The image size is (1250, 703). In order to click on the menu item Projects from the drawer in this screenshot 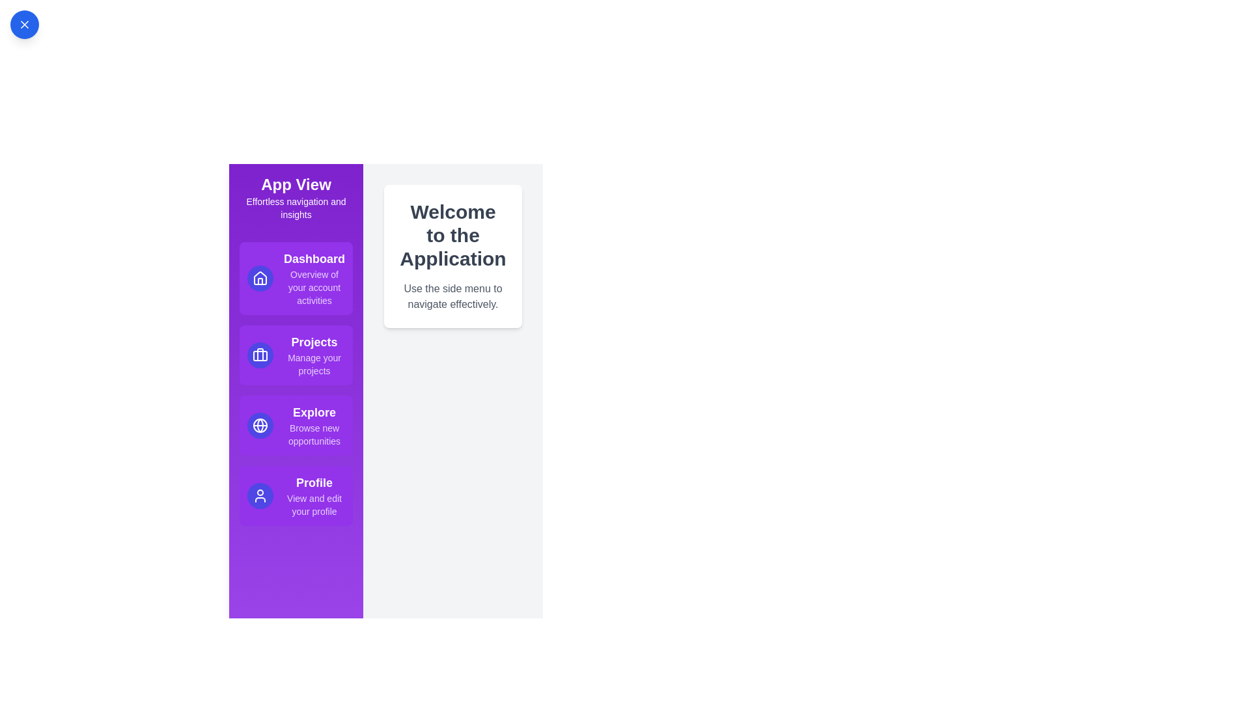, I will do `click(296, 355)`.